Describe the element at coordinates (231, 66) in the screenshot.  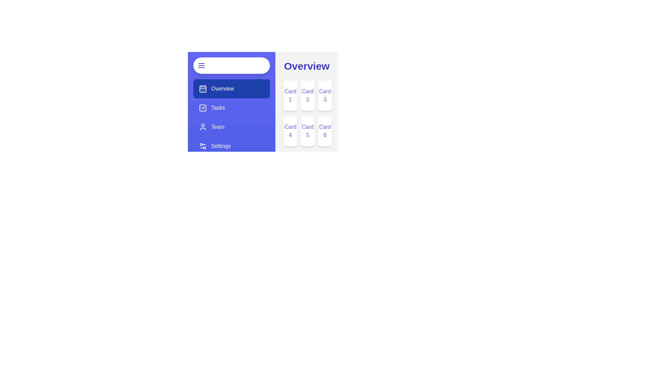
I see `the navigation drawer toggle button` at that location.